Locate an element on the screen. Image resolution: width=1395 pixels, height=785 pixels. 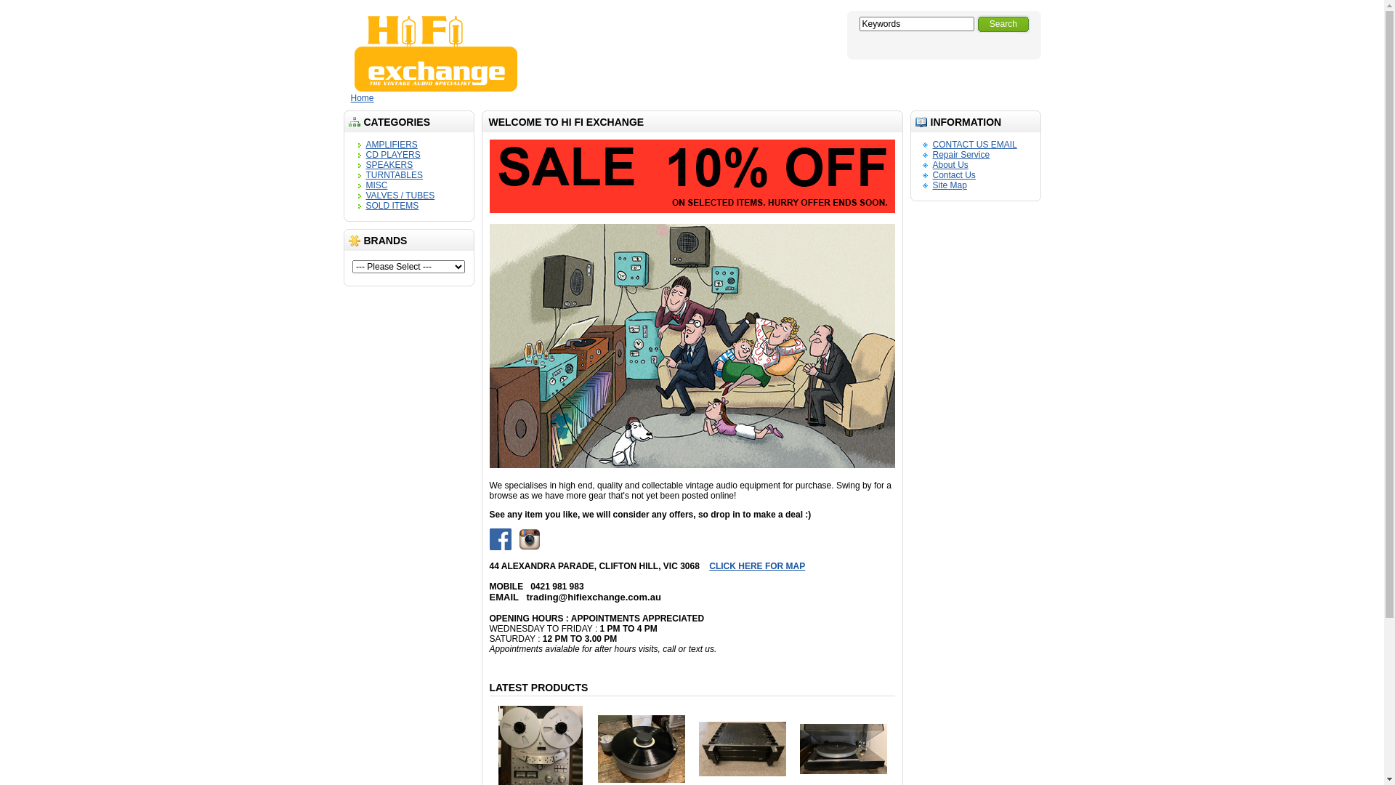
'Keywords' is located at coordinates (915, 24).